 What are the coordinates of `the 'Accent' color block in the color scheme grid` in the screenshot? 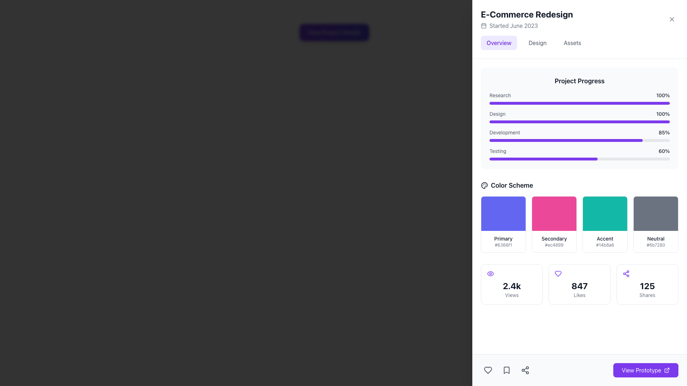 It's located at (580, 224).